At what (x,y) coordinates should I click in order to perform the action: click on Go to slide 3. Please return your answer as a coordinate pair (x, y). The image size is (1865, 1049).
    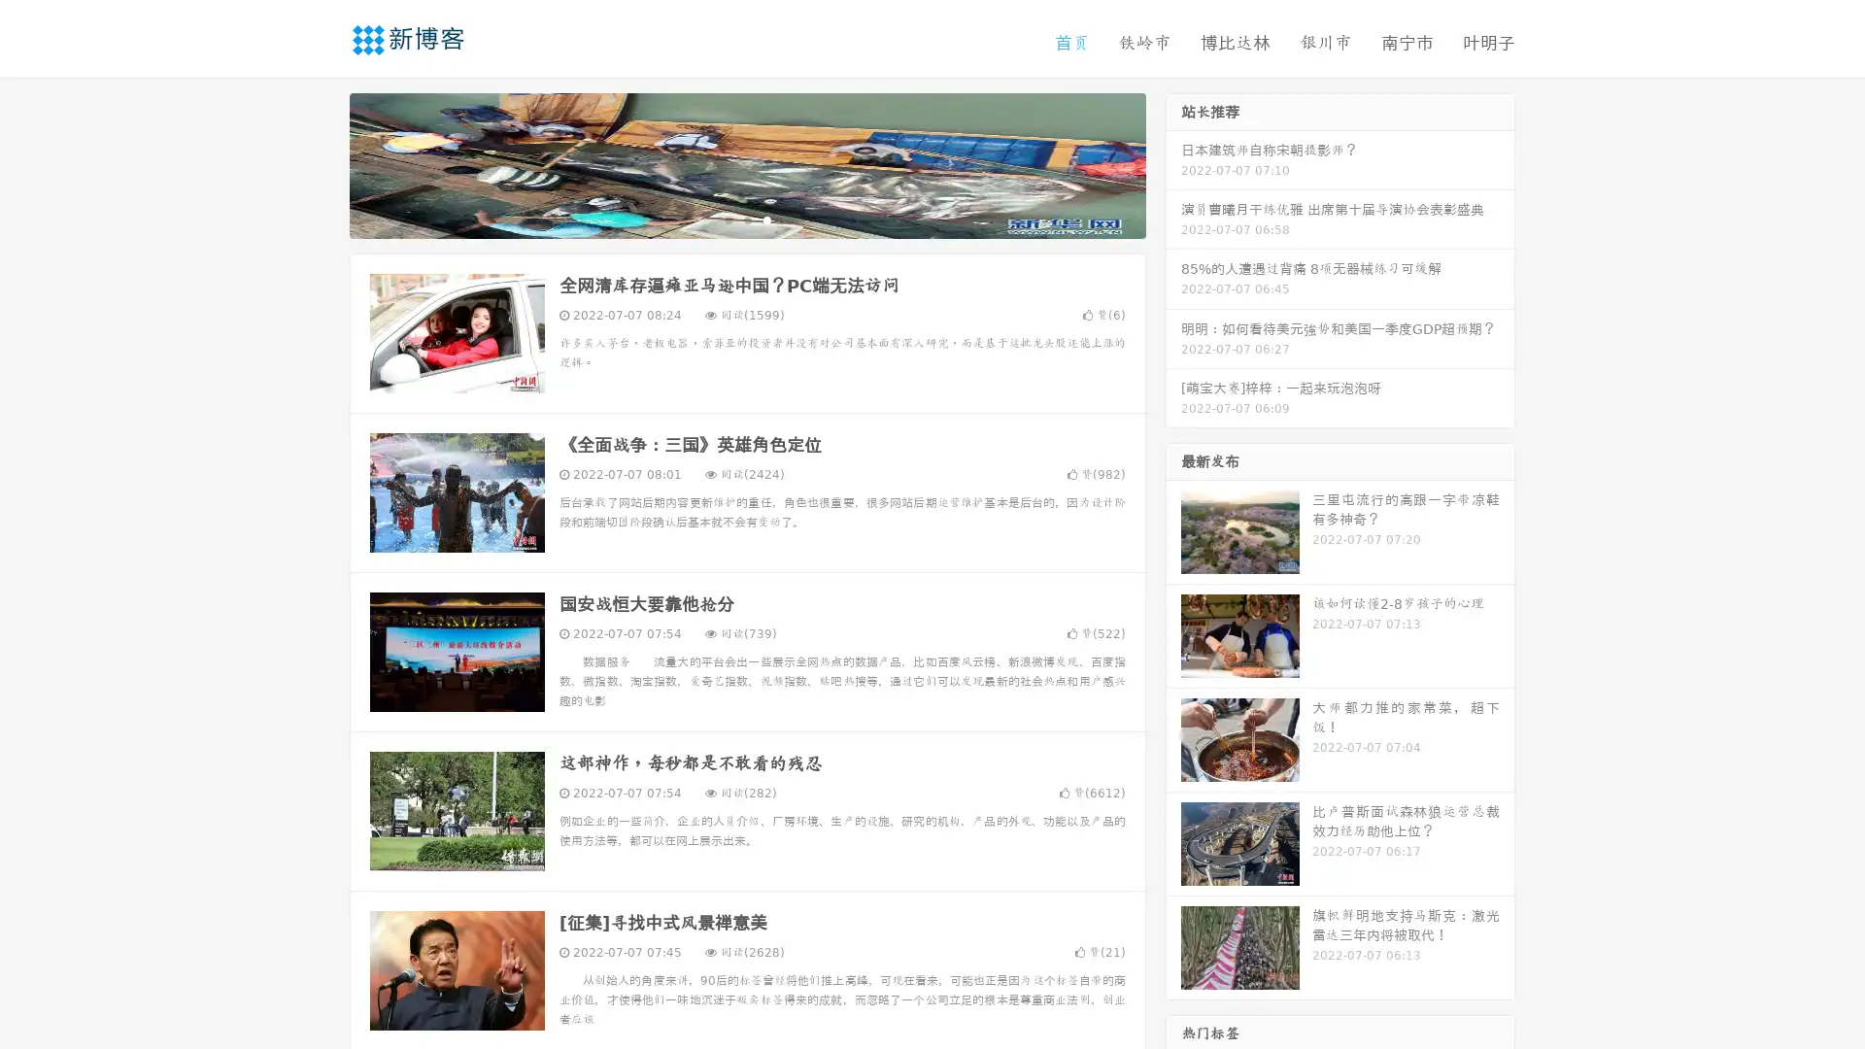
    Looking at the image, I should click on (766, 219).